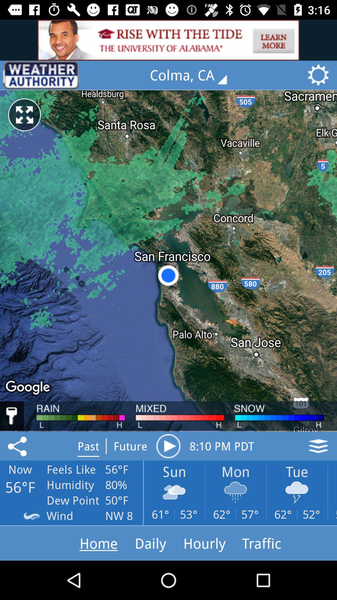  Describe the element at coordinates (41, 75) in the screenshot. I see `the date_range icon` at that location.